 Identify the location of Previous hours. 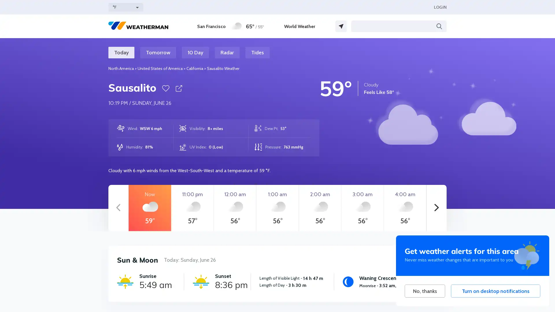
(118, 208).